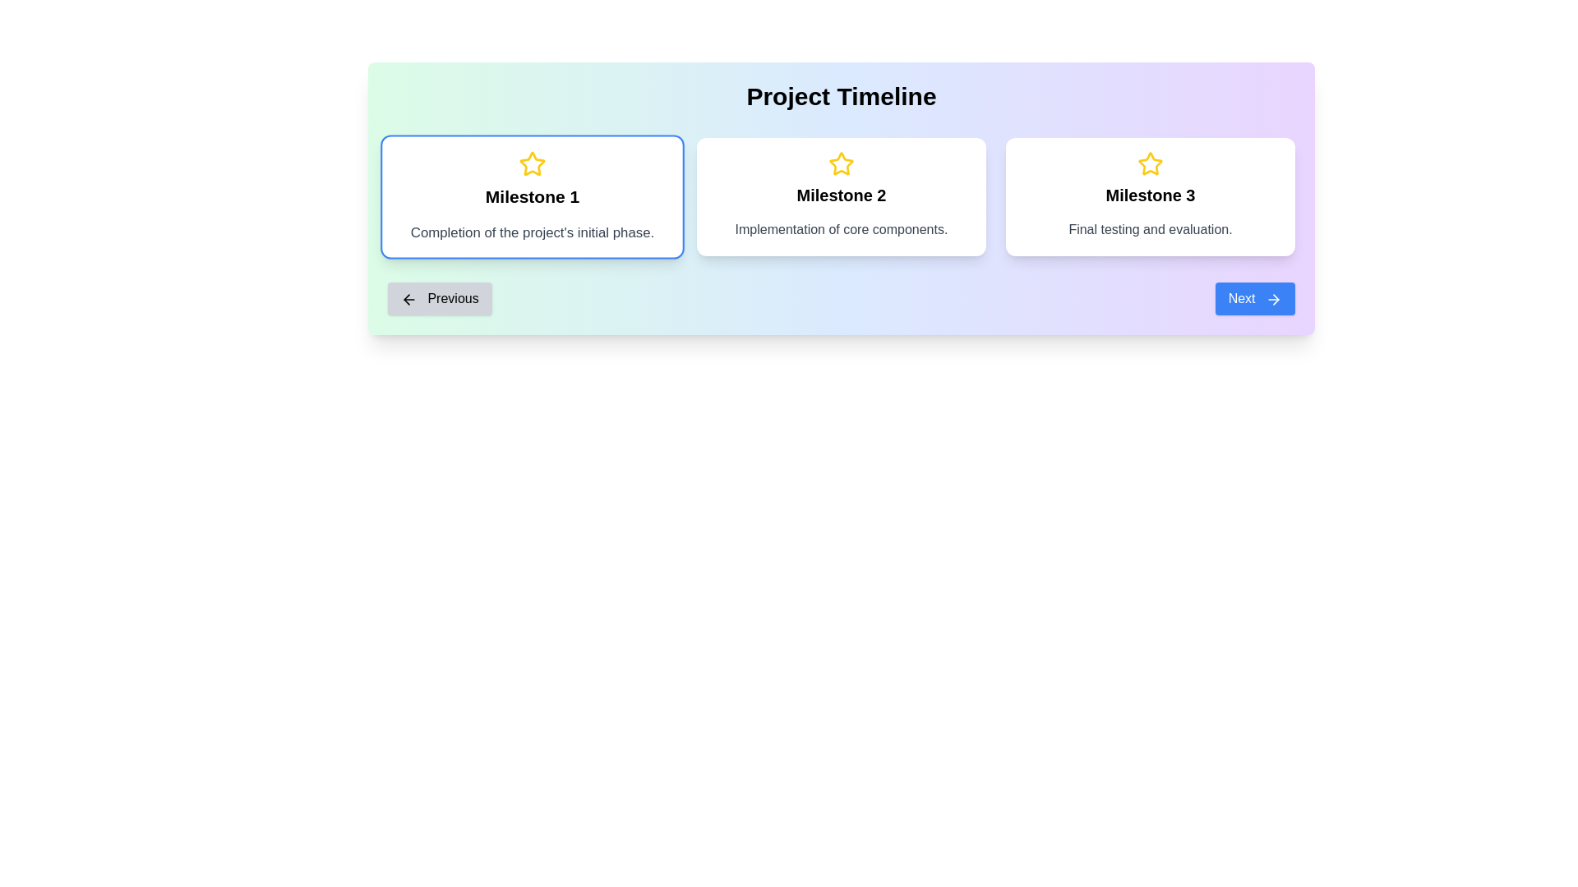  What do you see at coordinates (533, 195) in the screenshot?
I see `the static text label that serves as the title for the first milestone in the project's timeline, located in the leftmost card beneath the 'Project Timeline' heading` at bounding box center [533, 195].